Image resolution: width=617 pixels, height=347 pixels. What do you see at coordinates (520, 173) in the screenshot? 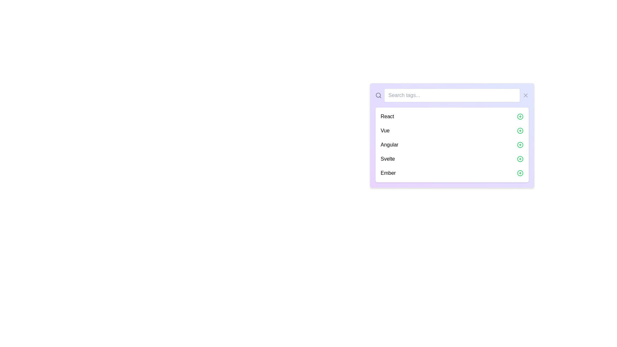
I see `the Icon button located at the far right of the row containing the 'Ember' label` at bounding box center [520, 173].